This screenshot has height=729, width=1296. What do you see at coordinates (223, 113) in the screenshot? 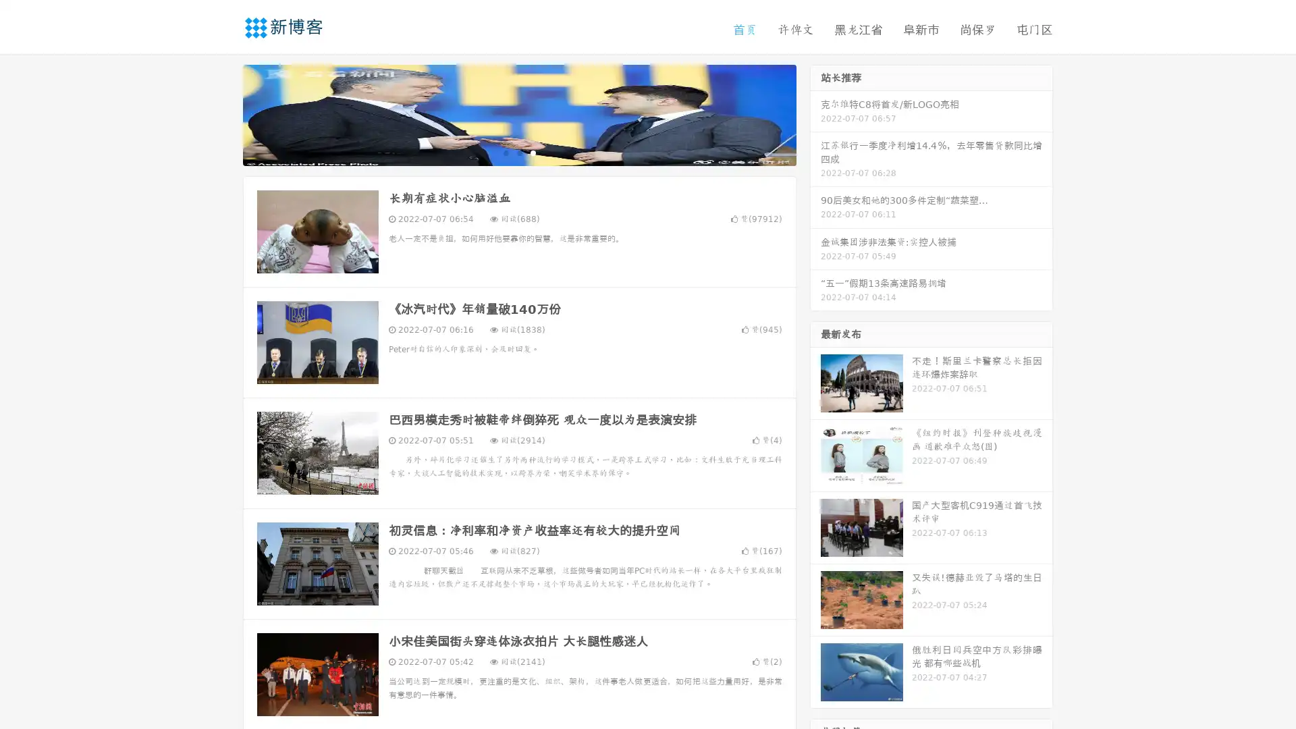
I see `Previous slide` at bounding box center [223, 113].